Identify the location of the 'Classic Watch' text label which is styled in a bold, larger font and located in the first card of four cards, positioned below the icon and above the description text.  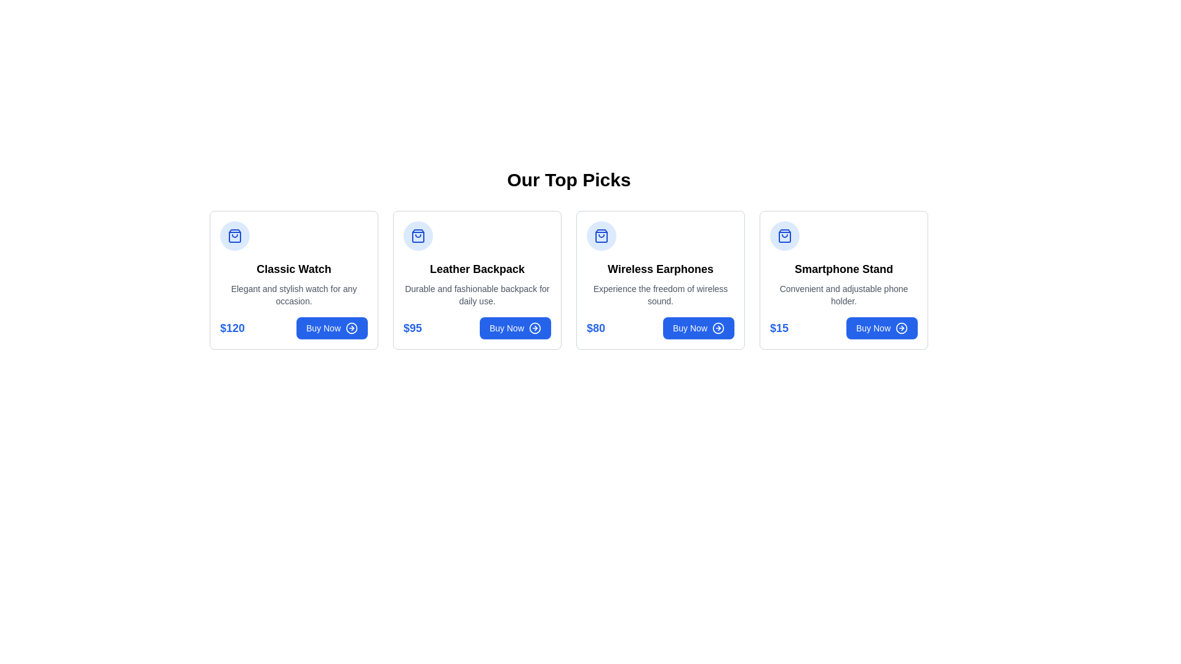
(293, 269).